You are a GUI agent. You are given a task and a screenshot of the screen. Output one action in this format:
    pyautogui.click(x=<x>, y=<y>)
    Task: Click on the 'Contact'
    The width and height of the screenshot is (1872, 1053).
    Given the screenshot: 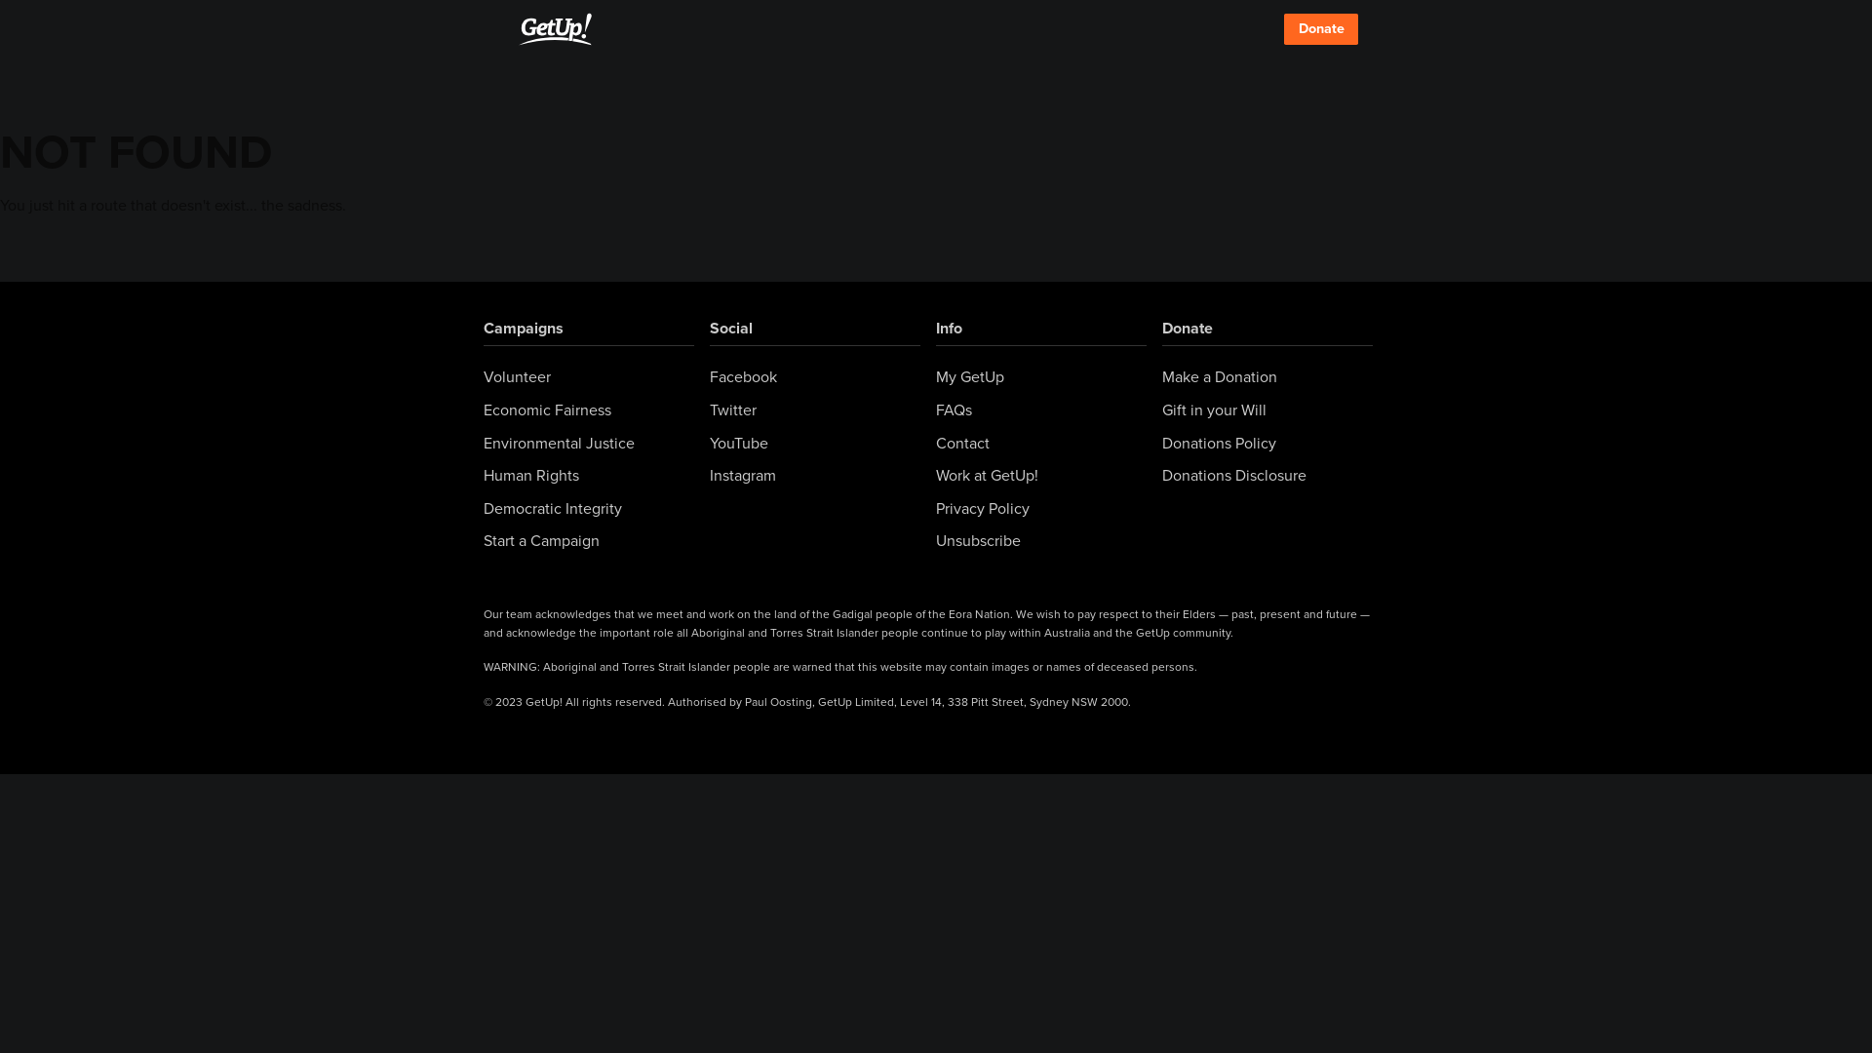 What is the action you would take?
    pyautogui.click(x=962, y=444)
    